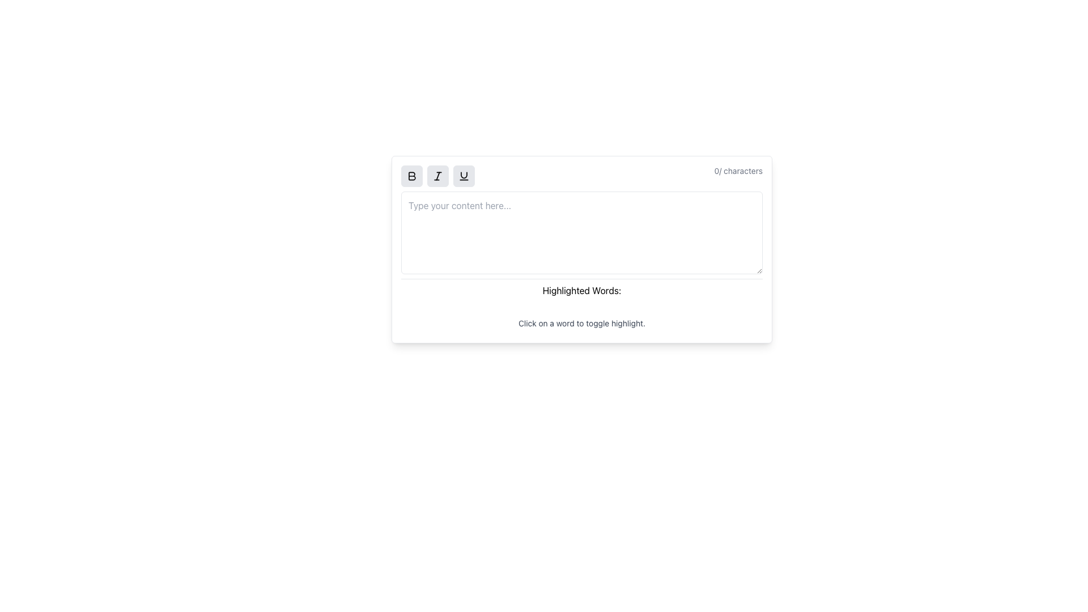 The height and width of the screenshot is (612, 1088). Describe the element at coordinates (437, 176) in the screenshot. I see `the italic formatting button, which is the second button in the row of styling options (B, I, U)` at that location.